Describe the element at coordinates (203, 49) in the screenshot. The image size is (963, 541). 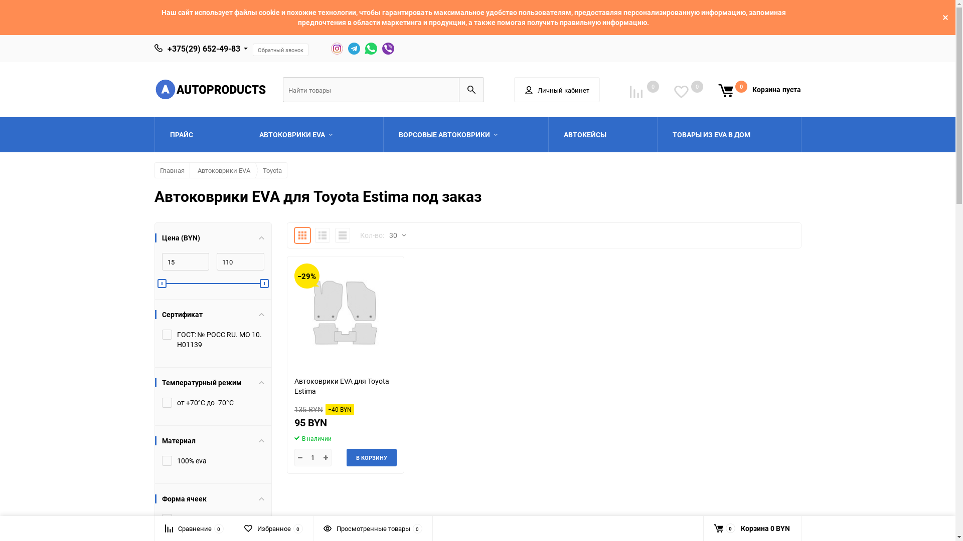
I see `'+375(29) 652-49-83'` at that location.